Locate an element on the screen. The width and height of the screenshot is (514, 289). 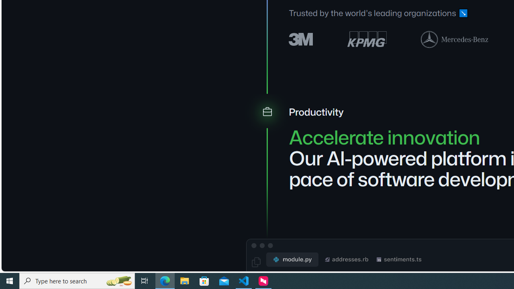
'Start' is located at coordinates (10, 280).